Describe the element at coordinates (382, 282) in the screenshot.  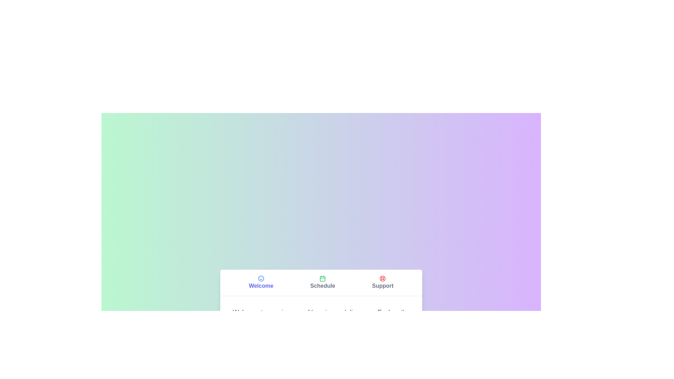
I see `the tab labeled Support to observe the visual transition` at that location.